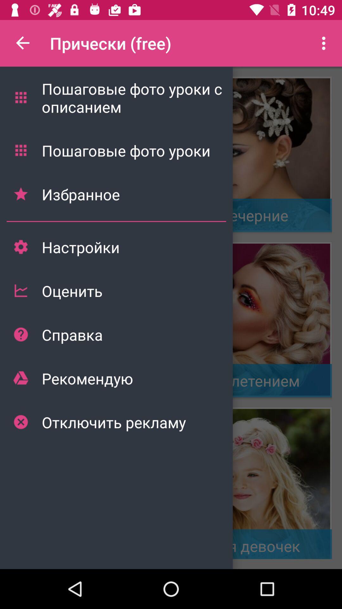 This screenshot has width=342, height=609. Describe the element at coordinates (20, 378) in the screenshot. I see `last but one icon` at that location.